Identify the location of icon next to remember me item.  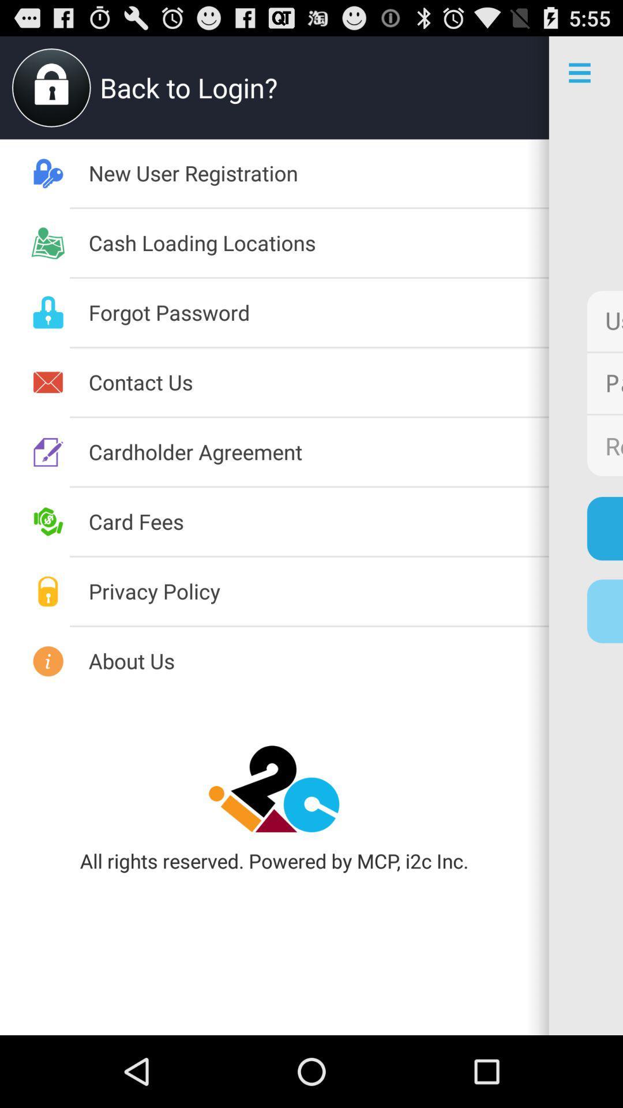
(318, 451).